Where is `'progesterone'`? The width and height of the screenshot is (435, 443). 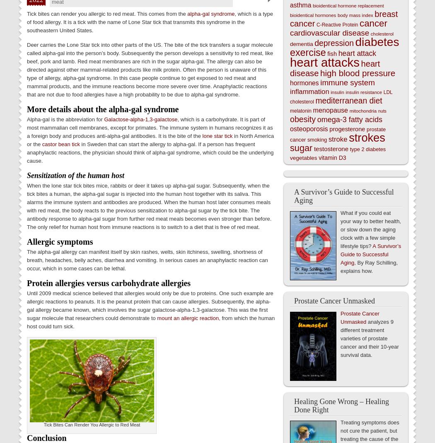 'progesterone' is located at coordinates (347, 129).